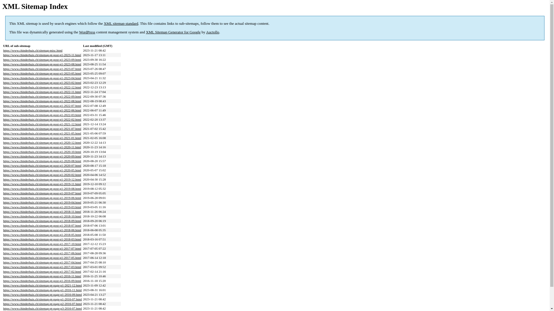 The width and height of the screenshot is (554, 311). I want to click on 'https://www.chinderhuis.ch/sitemap-pt-page-p2-2016-07.html', so click(42, 304).